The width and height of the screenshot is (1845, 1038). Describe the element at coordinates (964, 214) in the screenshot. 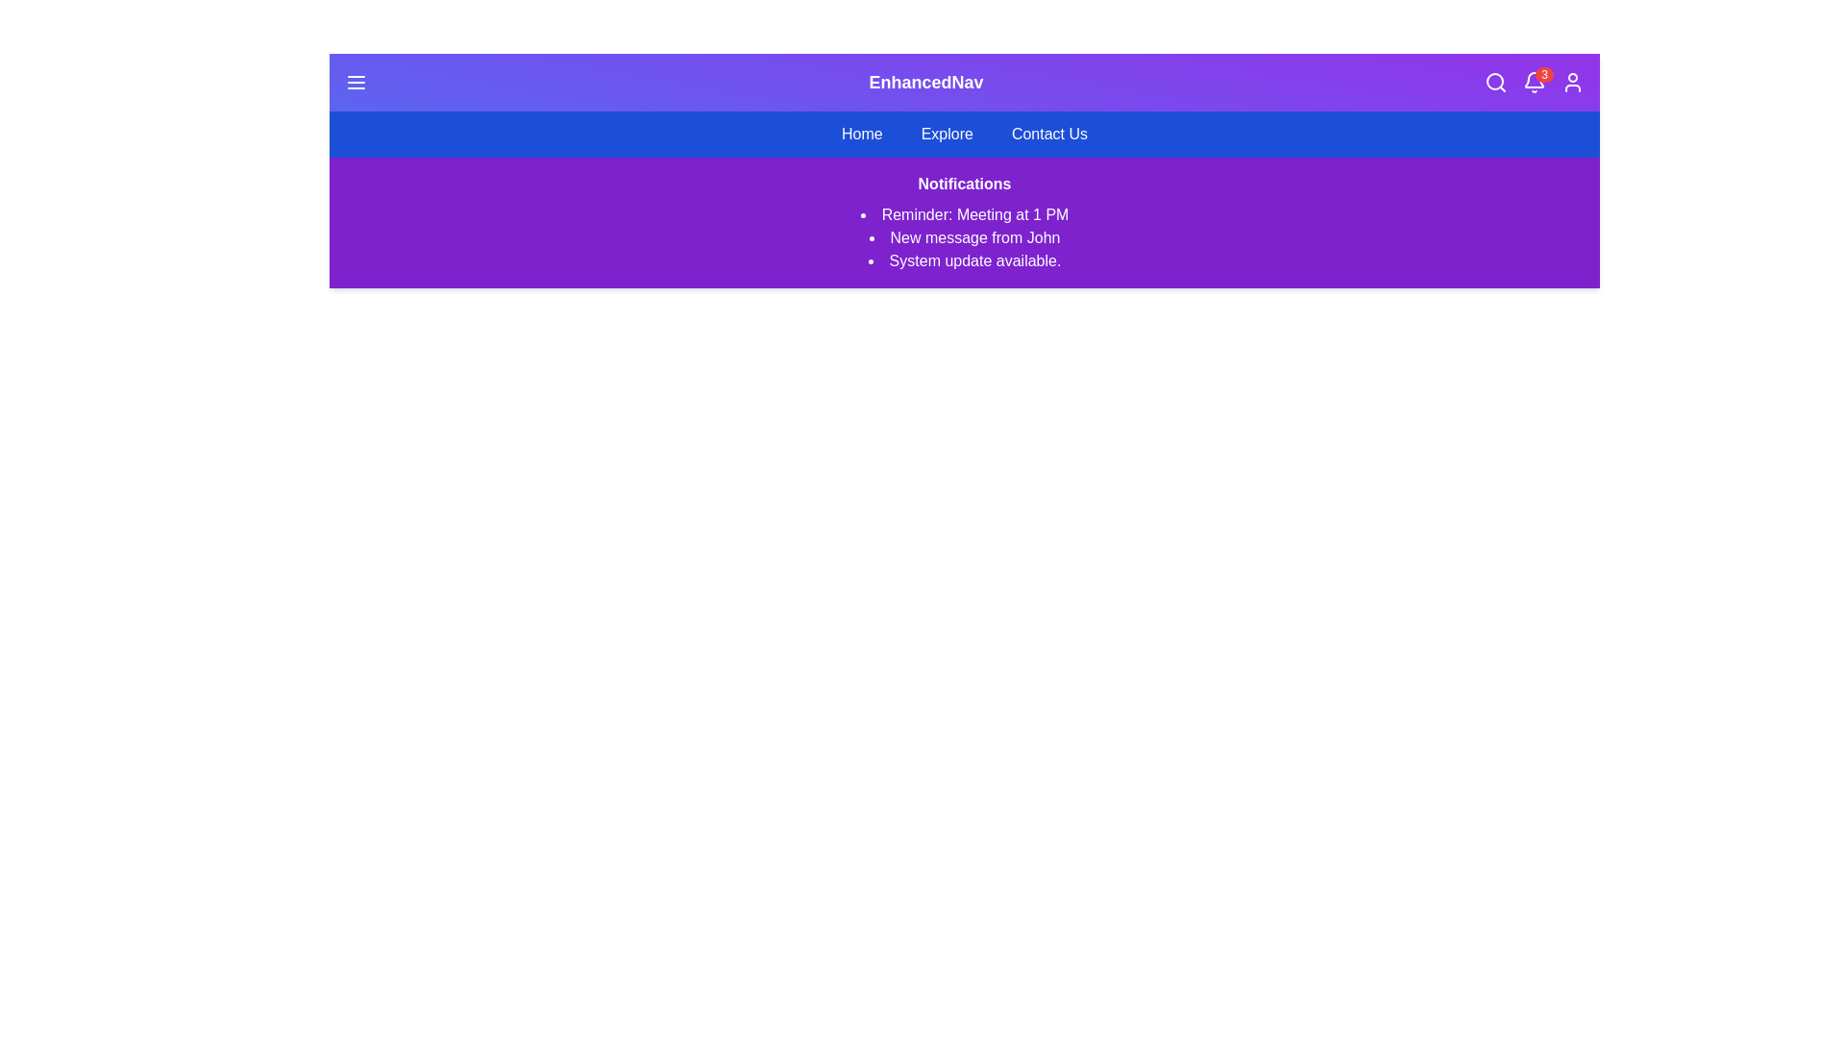

I see `the text item 'Reminder: Meeting at 1 PM' in the notifications list, which is the first item styled with a hover effect that changes the text color to yellow` at that location.